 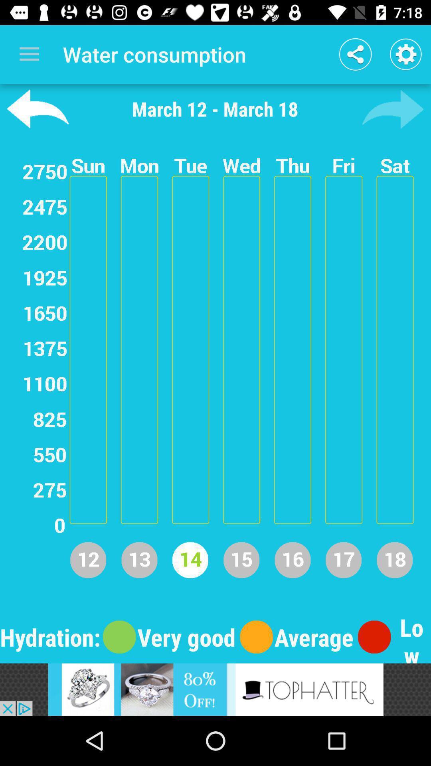 I want to click on back button, so click(x=38, y=109).